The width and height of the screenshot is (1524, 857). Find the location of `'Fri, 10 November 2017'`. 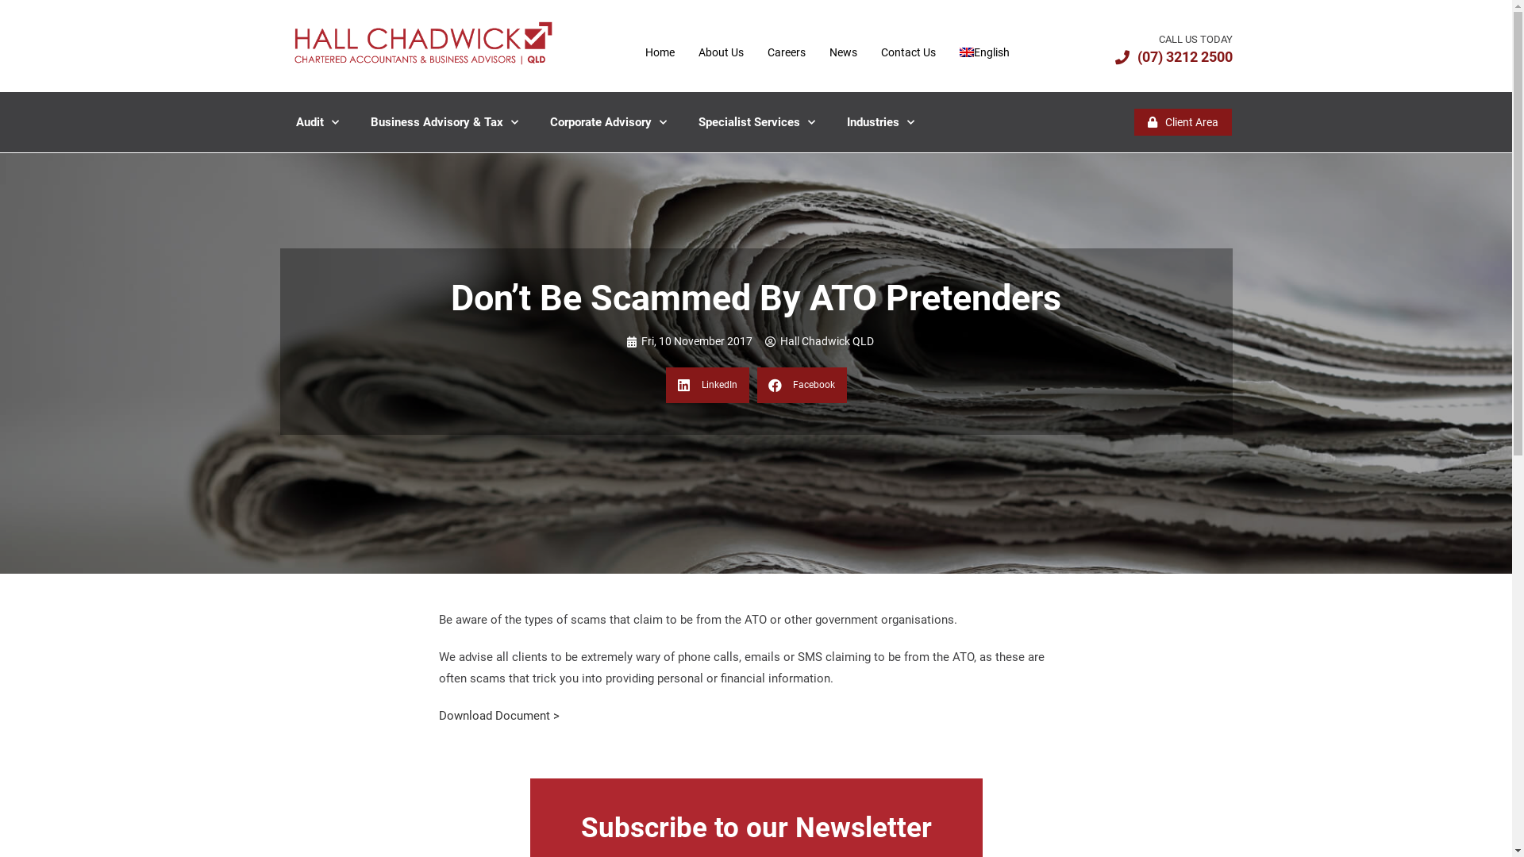

'Fri, 10 November 2017' is located at coordinates (688, 340).